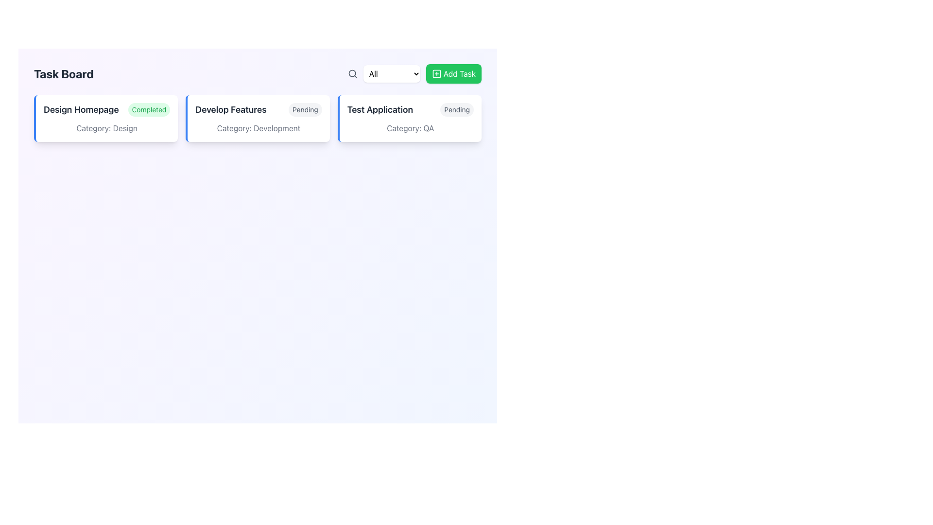  Describe the element at coordinates (410, 127) in the screenshot. I see `text label 'Category: QA' which is styled in muted gray color and positioned below the title 'Test Application' within the rightmost card` at that location.